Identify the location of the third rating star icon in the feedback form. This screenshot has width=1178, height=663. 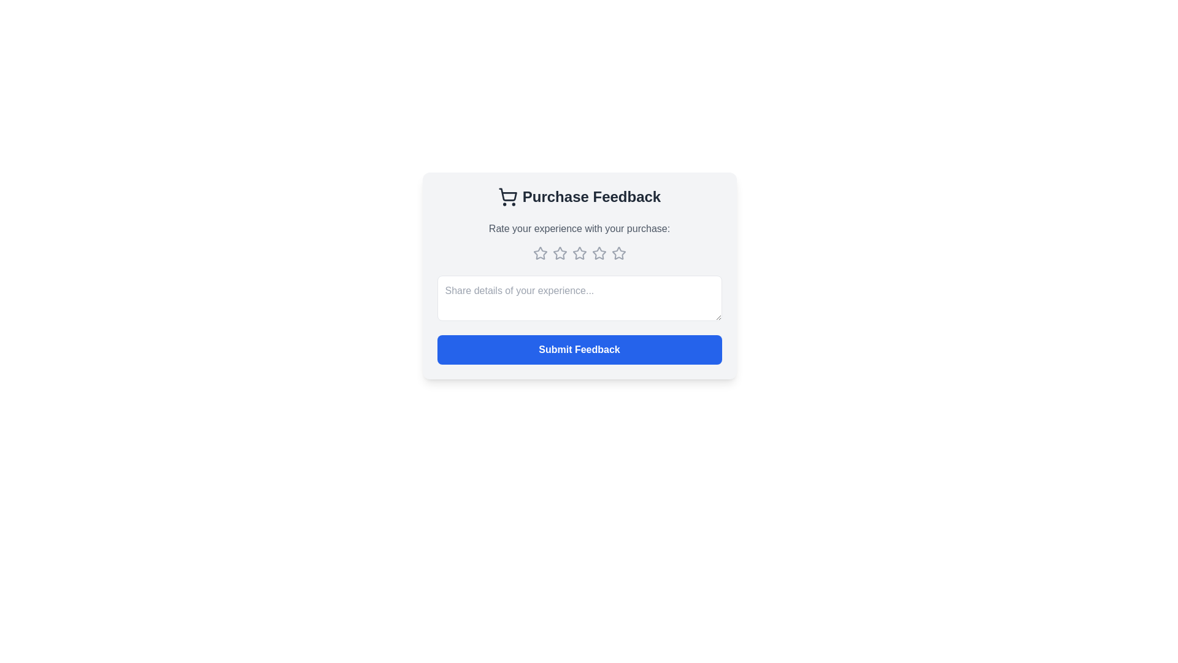
(579, 252).